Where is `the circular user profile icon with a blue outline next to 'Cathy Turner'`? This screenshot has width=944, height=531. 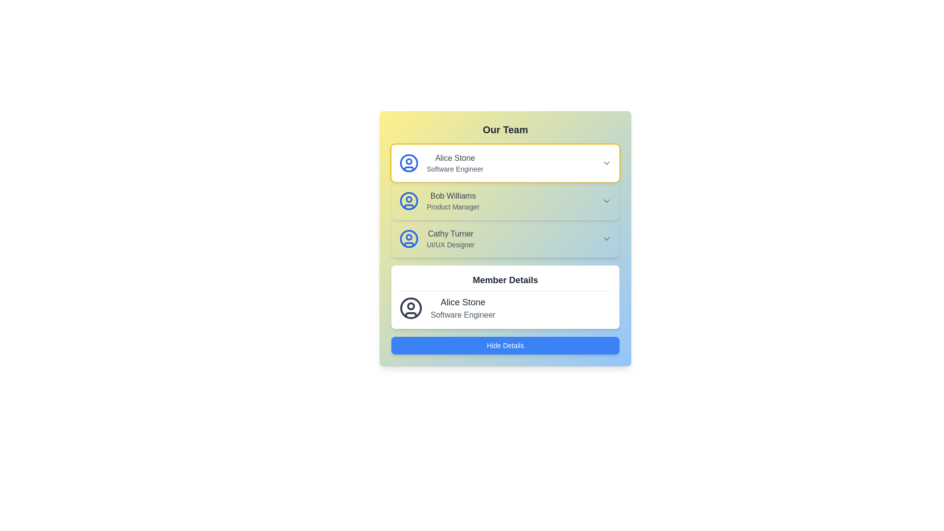 the circular user profile icon with a blue outline next to 'Cathy Turner' is located at coordinates (409, 239).